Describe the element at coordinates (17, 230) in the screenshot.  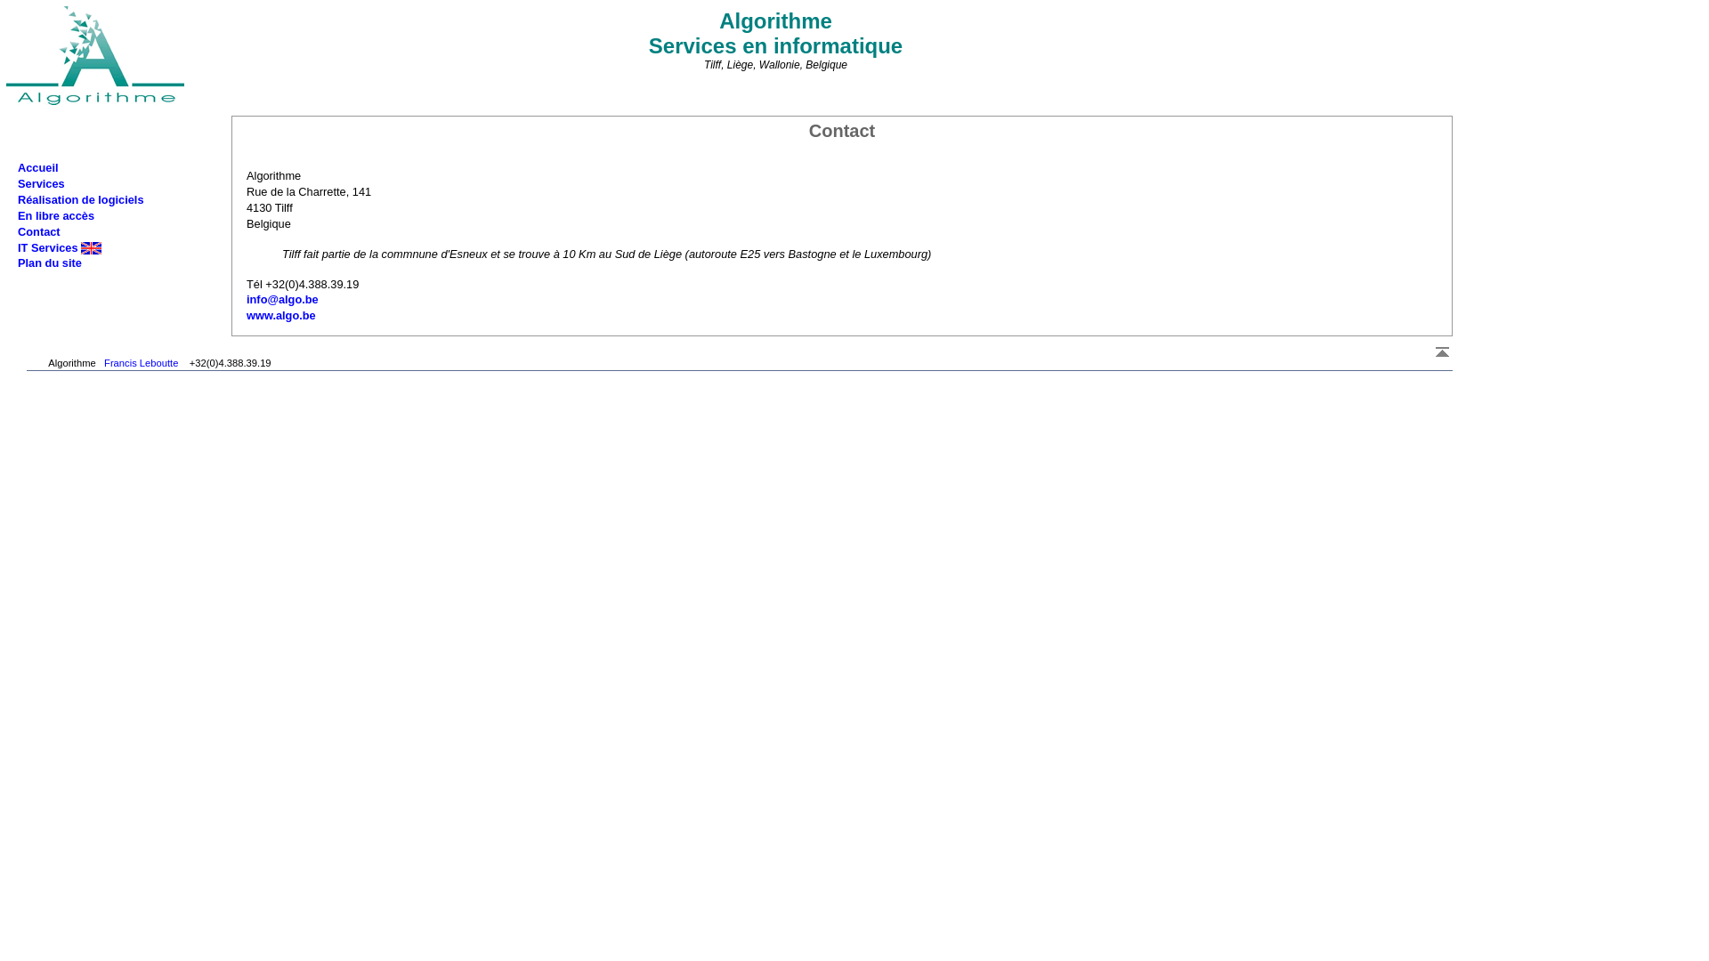
I see `'Contact'` at that location.